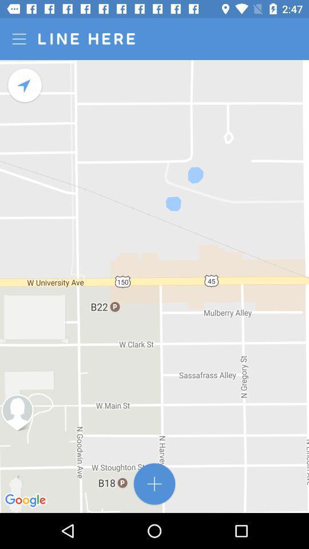 This screenshot has width=309, height=549. Describe the element at coordinates (25, 85) in the screenshot. I see `get directions` at that location.